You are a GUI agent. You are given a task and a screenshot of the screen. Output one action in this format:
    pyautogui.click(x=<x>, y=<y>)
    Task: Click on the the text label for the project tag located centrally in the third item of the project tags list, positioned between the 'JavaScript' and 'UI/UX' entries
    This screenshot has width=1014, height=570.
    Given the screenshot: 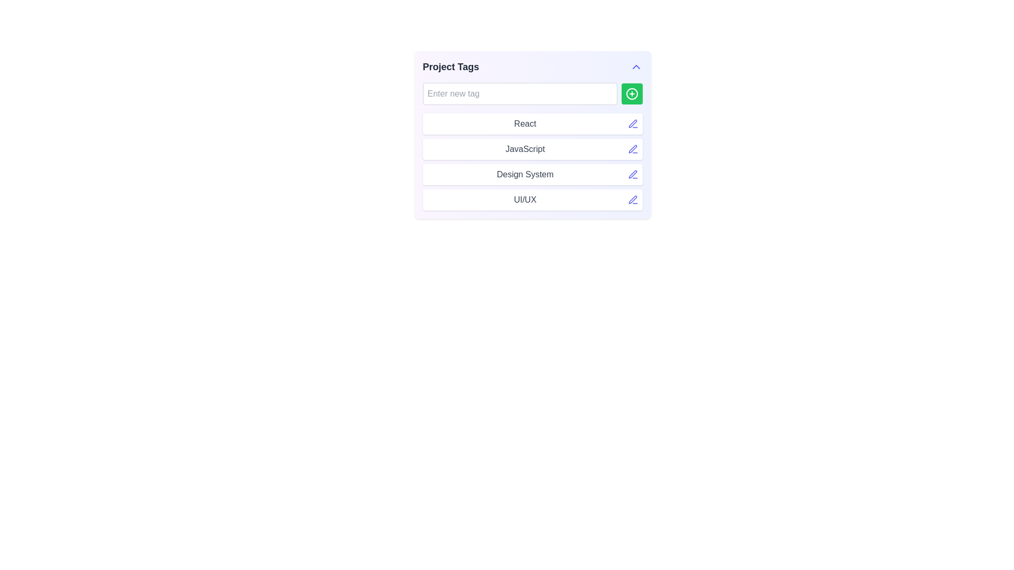 What is the action you would take?
    pyautogui.click(x=525, y=174)
    